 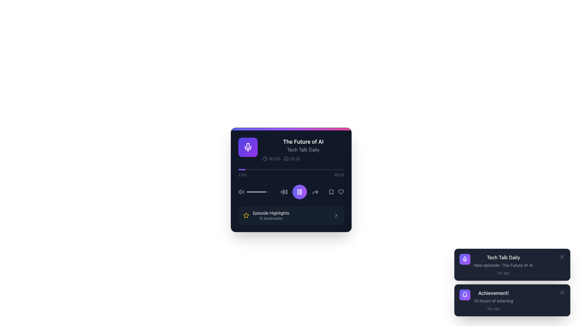 What do you see at coordinates (271, 213) in the screenshot?
I see `the text label indicating 'Episode Highlights', which serves as a header for a section within the bottom-left of the UI layout` at bounding box center [271, 213].